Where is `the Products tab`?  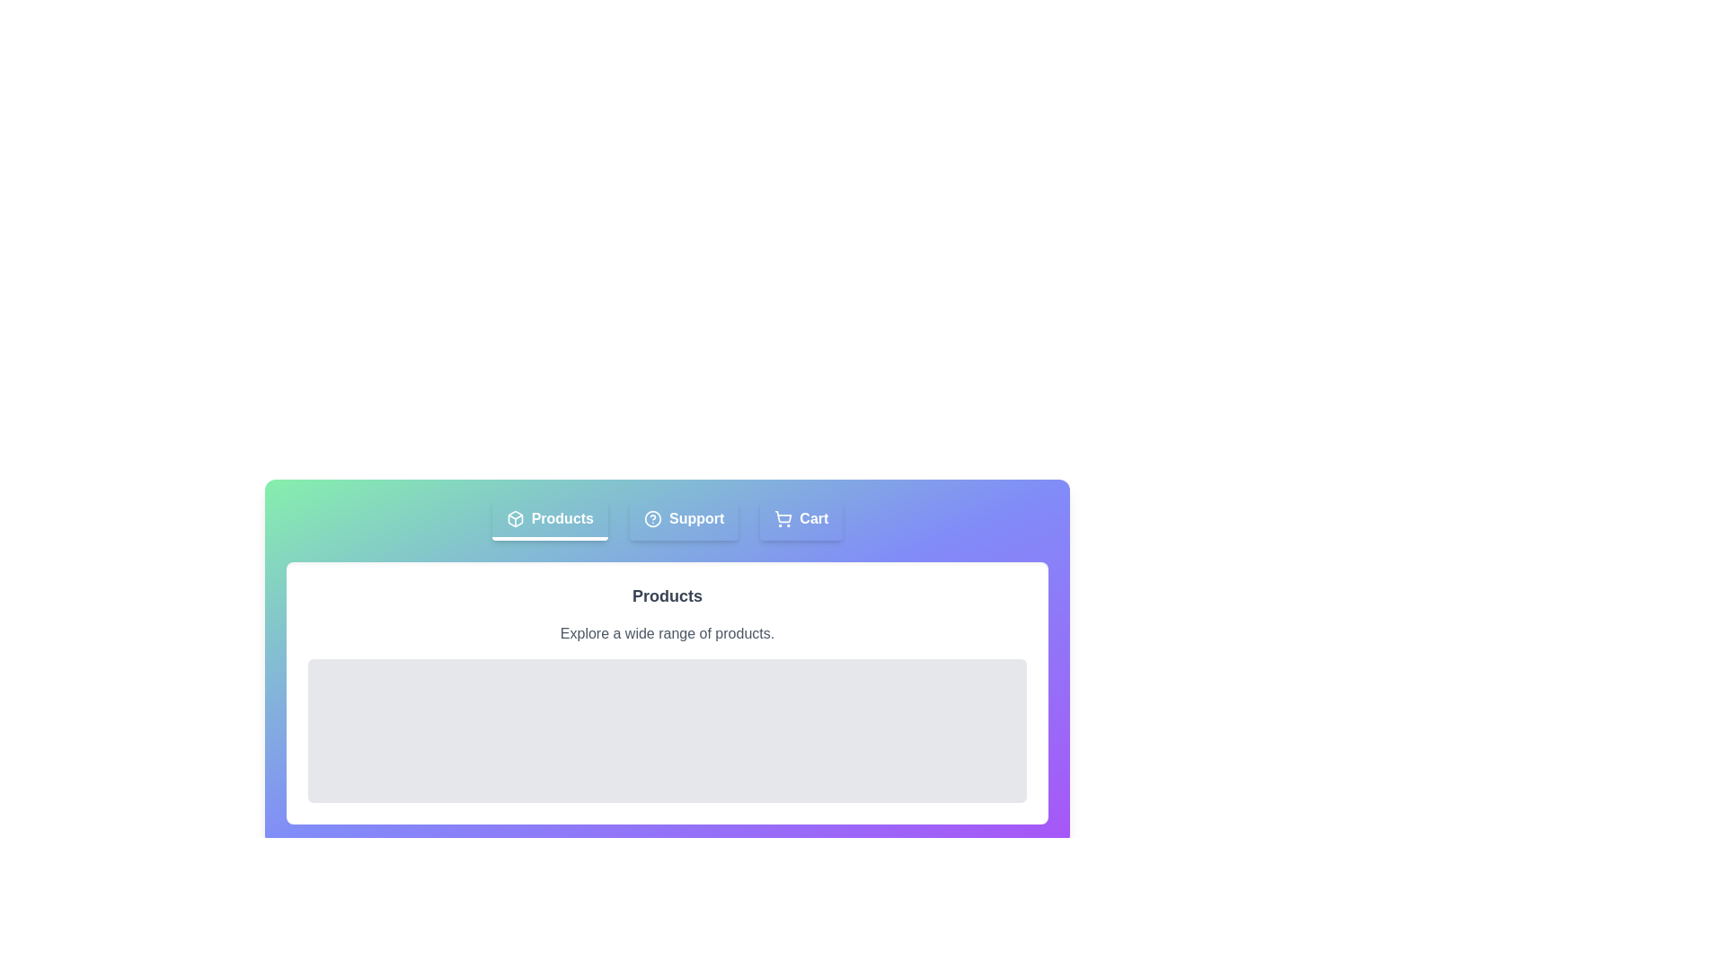
the Products tab is located at coordinates (548, 520).